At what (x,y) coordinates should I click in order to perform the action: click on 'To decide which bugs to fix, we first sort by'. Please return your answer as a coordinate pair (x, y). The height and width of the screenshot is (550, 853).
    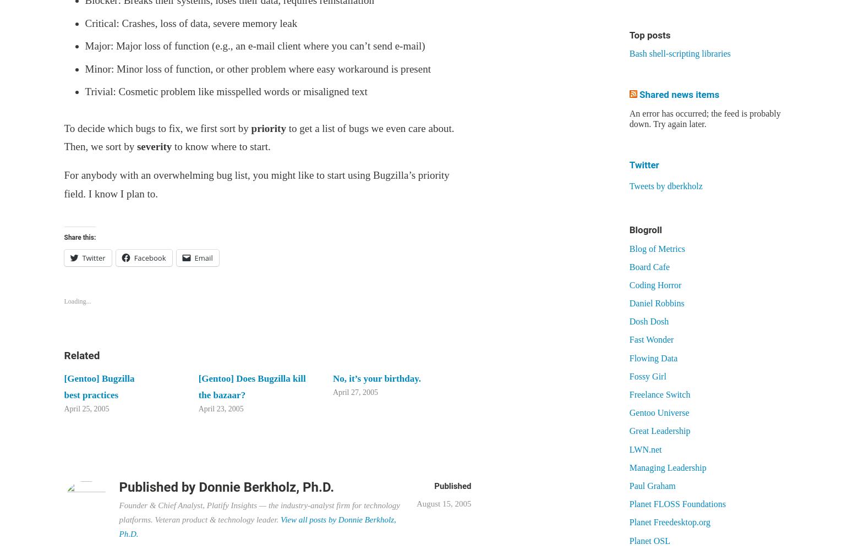
    Looking at the image, I should click on (63, 127).